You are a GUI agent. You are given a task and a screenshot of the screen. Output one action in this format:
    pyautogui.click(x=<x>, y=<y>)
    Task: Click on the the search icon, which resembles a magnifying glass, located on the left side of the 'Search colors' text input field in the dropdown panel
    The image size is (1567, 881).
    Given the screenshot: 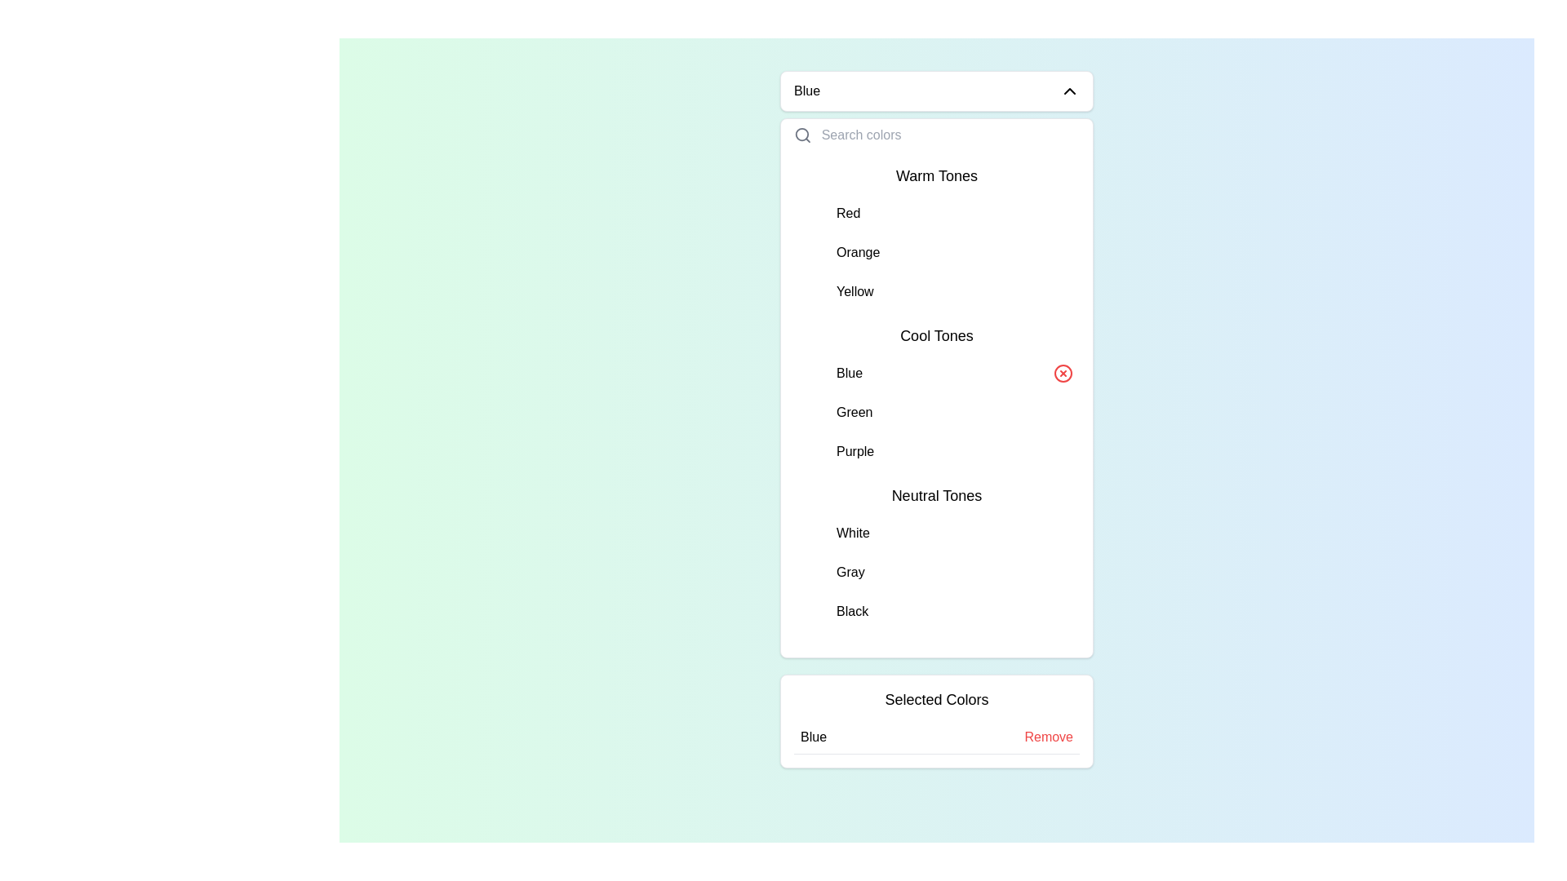 What is the action you would take?
    pyautogui.click(x=802, y=134)
    